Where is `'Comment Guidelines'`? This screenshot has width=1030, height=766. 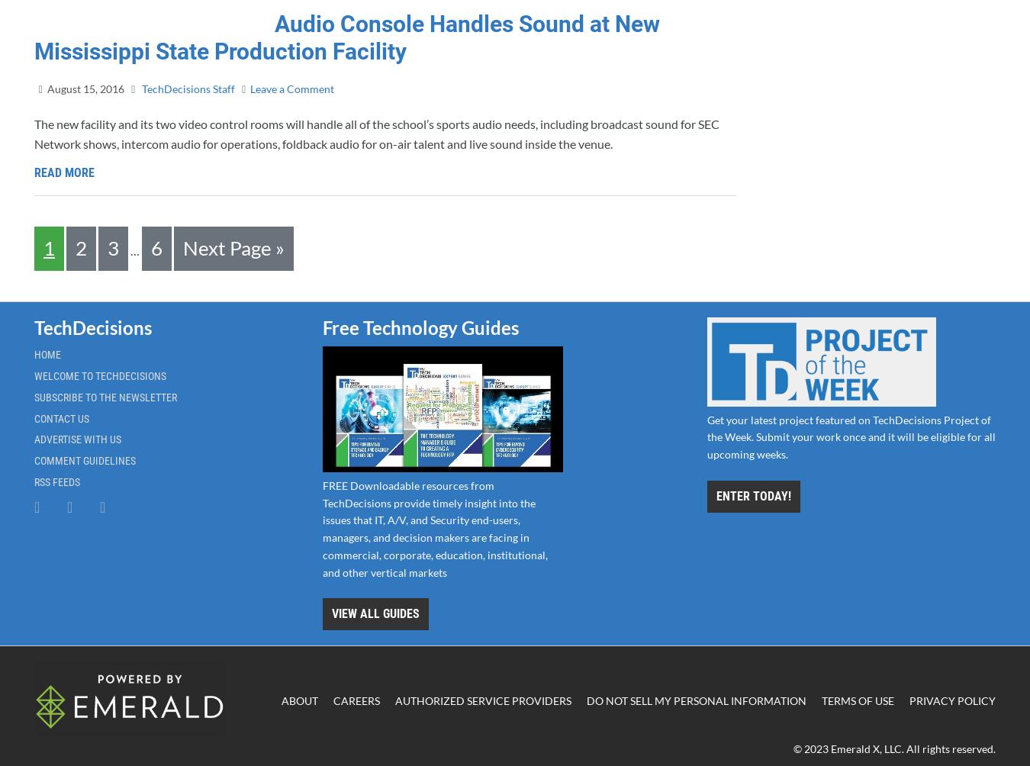
'Comment Guidelines' is located at coordinates (84, 461).